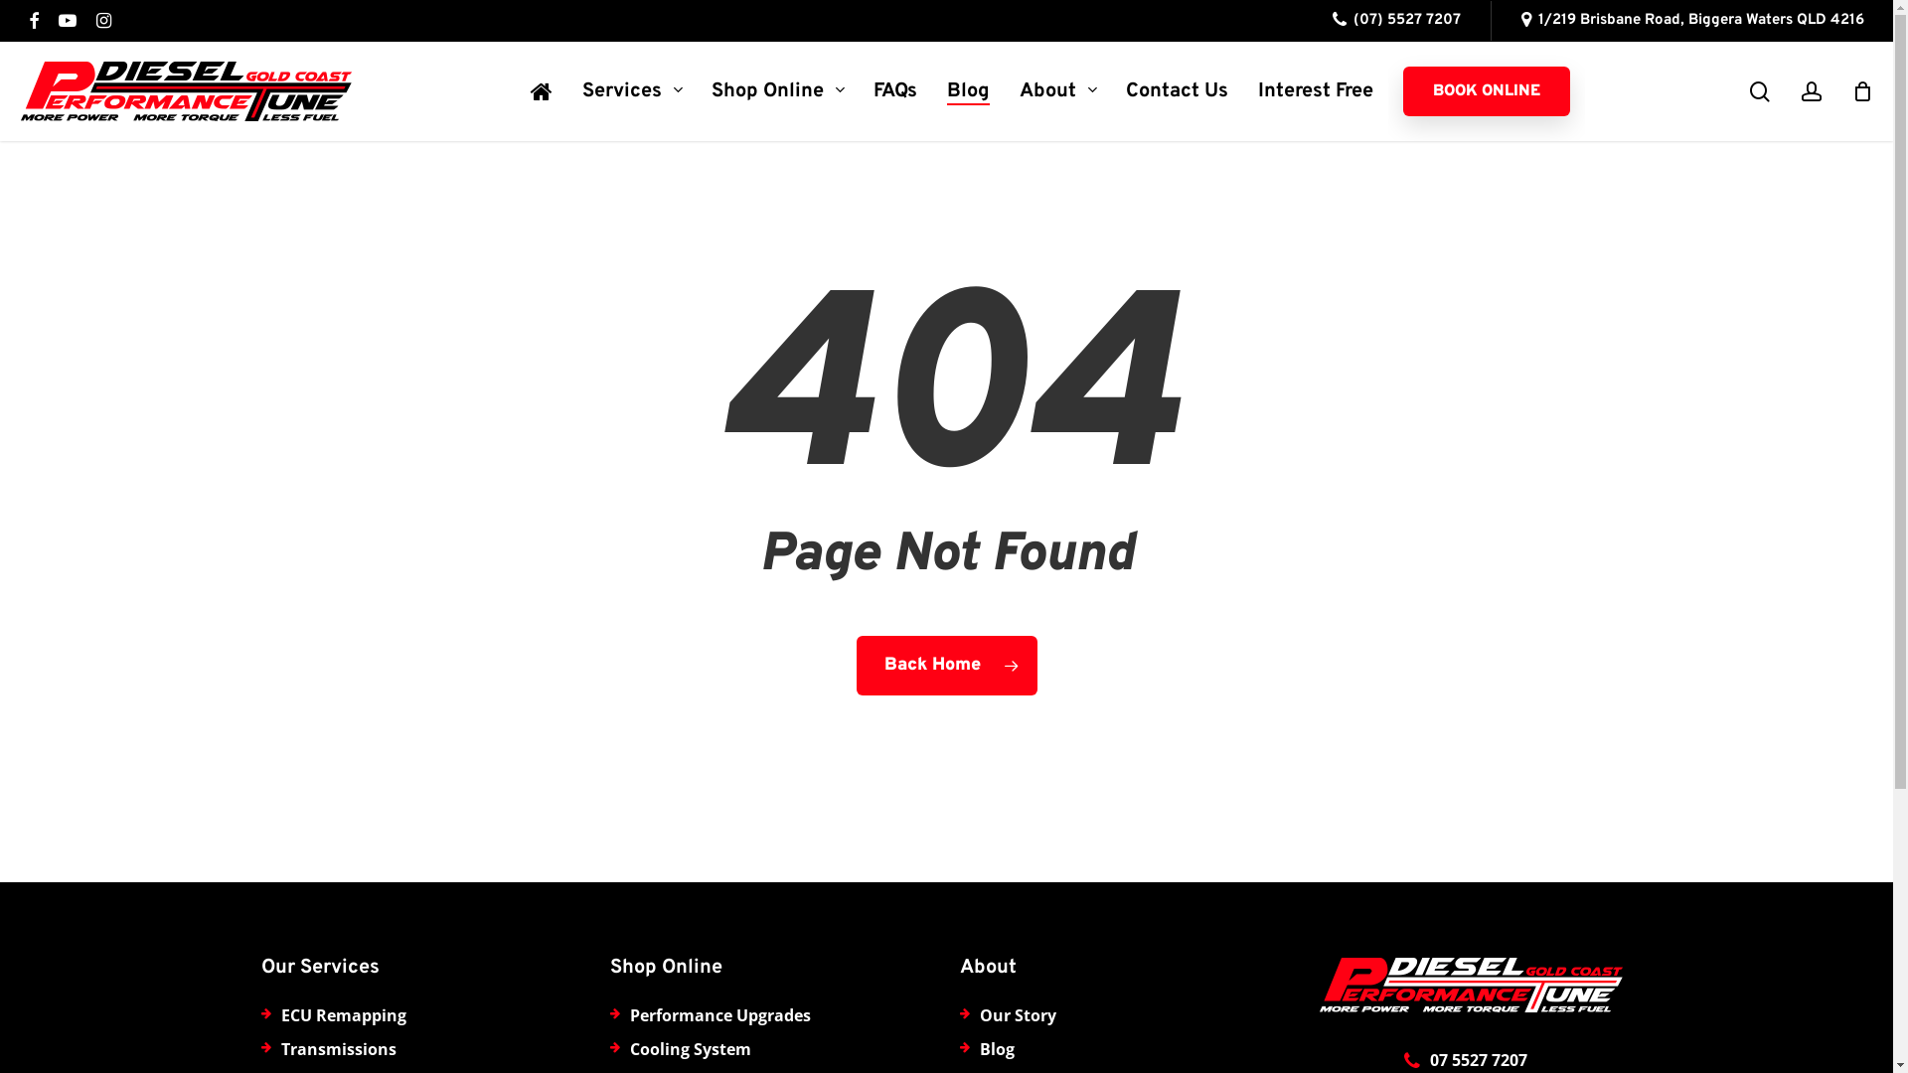  What do you see at coordinates (1316, 91) in the screenshot?
I see `'Interest Free'` at bounding box center [1316, 91].